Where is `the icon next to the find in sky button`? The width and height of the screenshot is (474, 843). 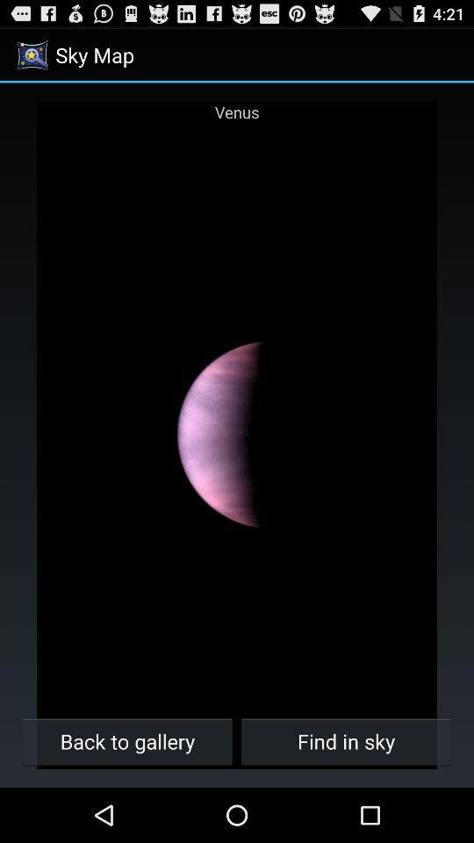 the icon next to the find in sky button is located at coordinates (126, 740).